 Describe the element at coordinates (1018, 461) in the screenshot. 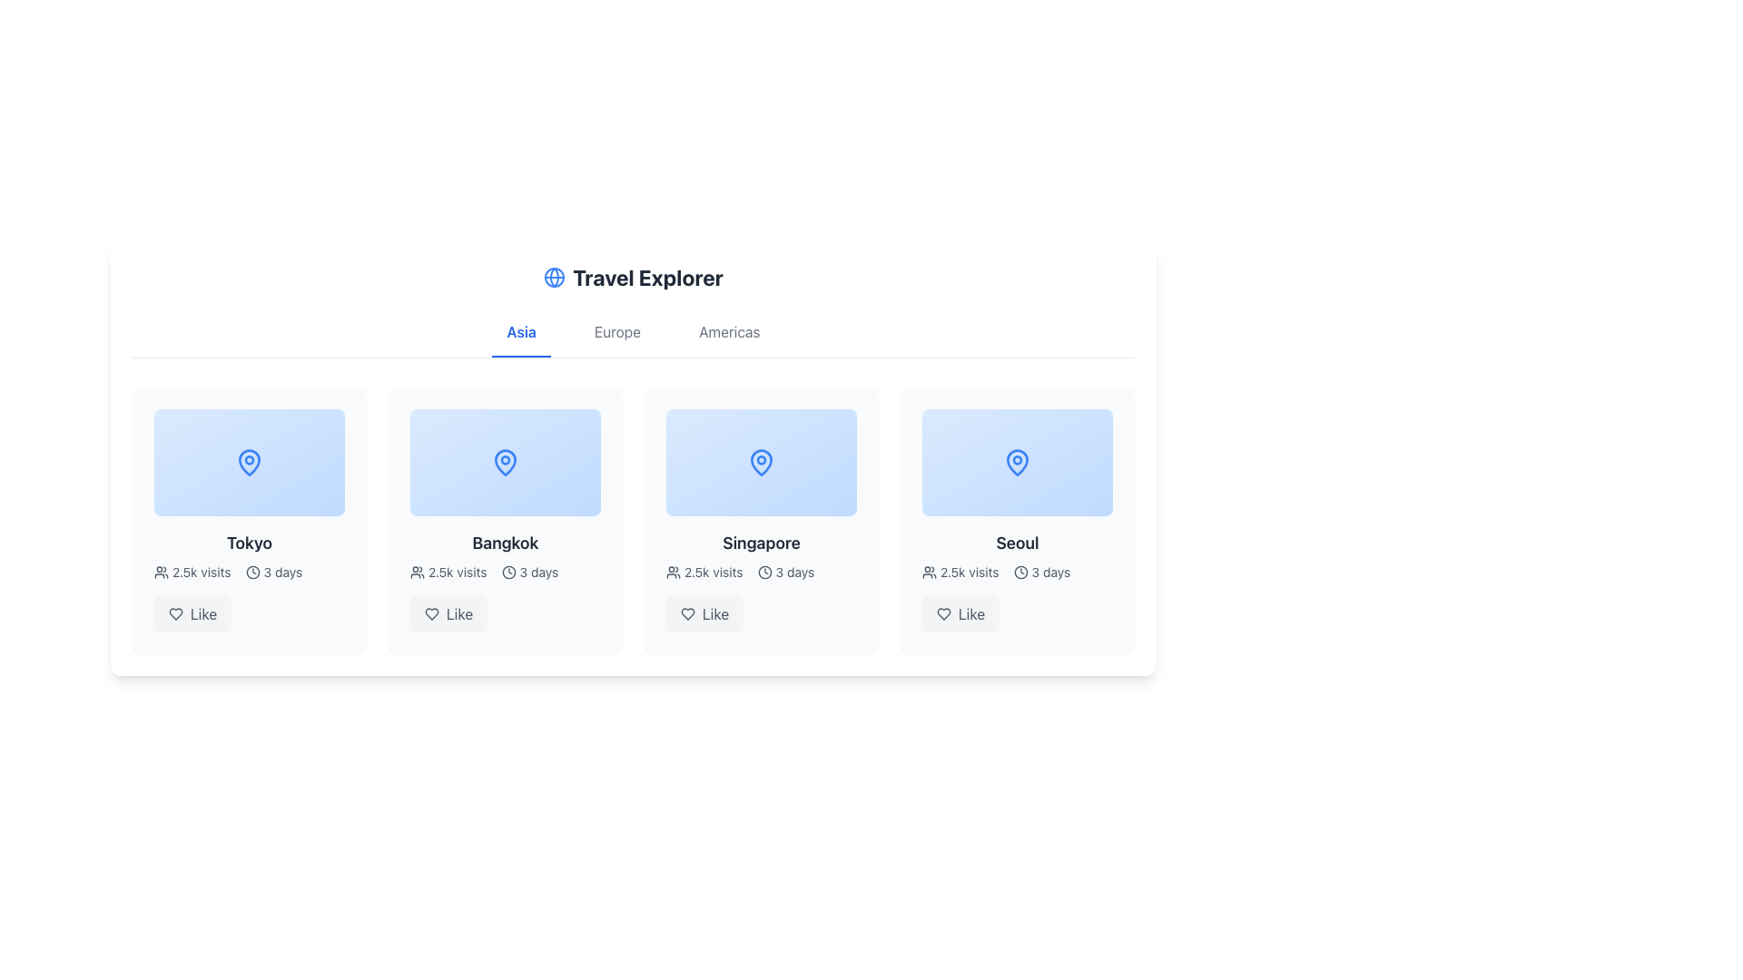

I see `the location pin icon associated with the 'Seoul' travel destination card, which is the fourth card in the horizontal list under the 'Asia' tab` at that location.